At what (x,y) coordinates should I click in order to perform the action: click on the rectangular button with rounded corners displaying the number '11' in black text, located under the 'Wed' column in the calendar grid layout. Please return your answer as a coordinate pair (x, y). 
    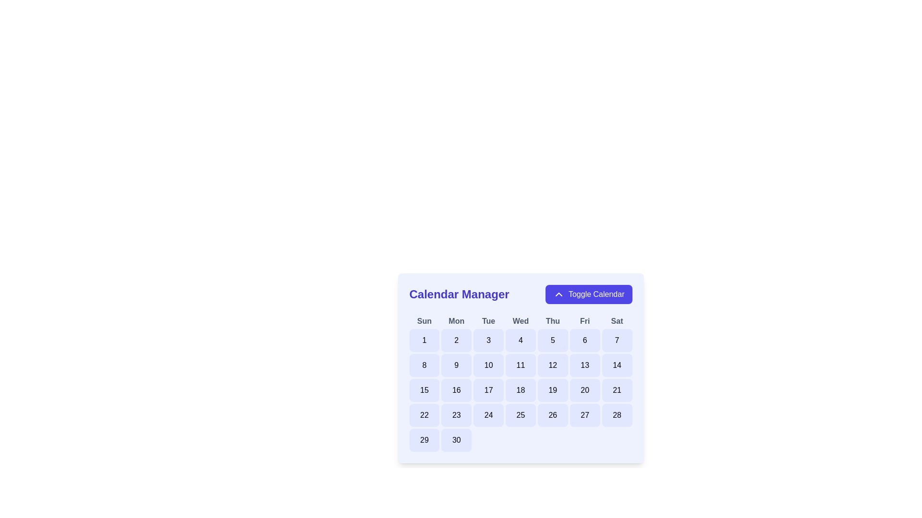
    Looking at the image, I should click on (520, 365).